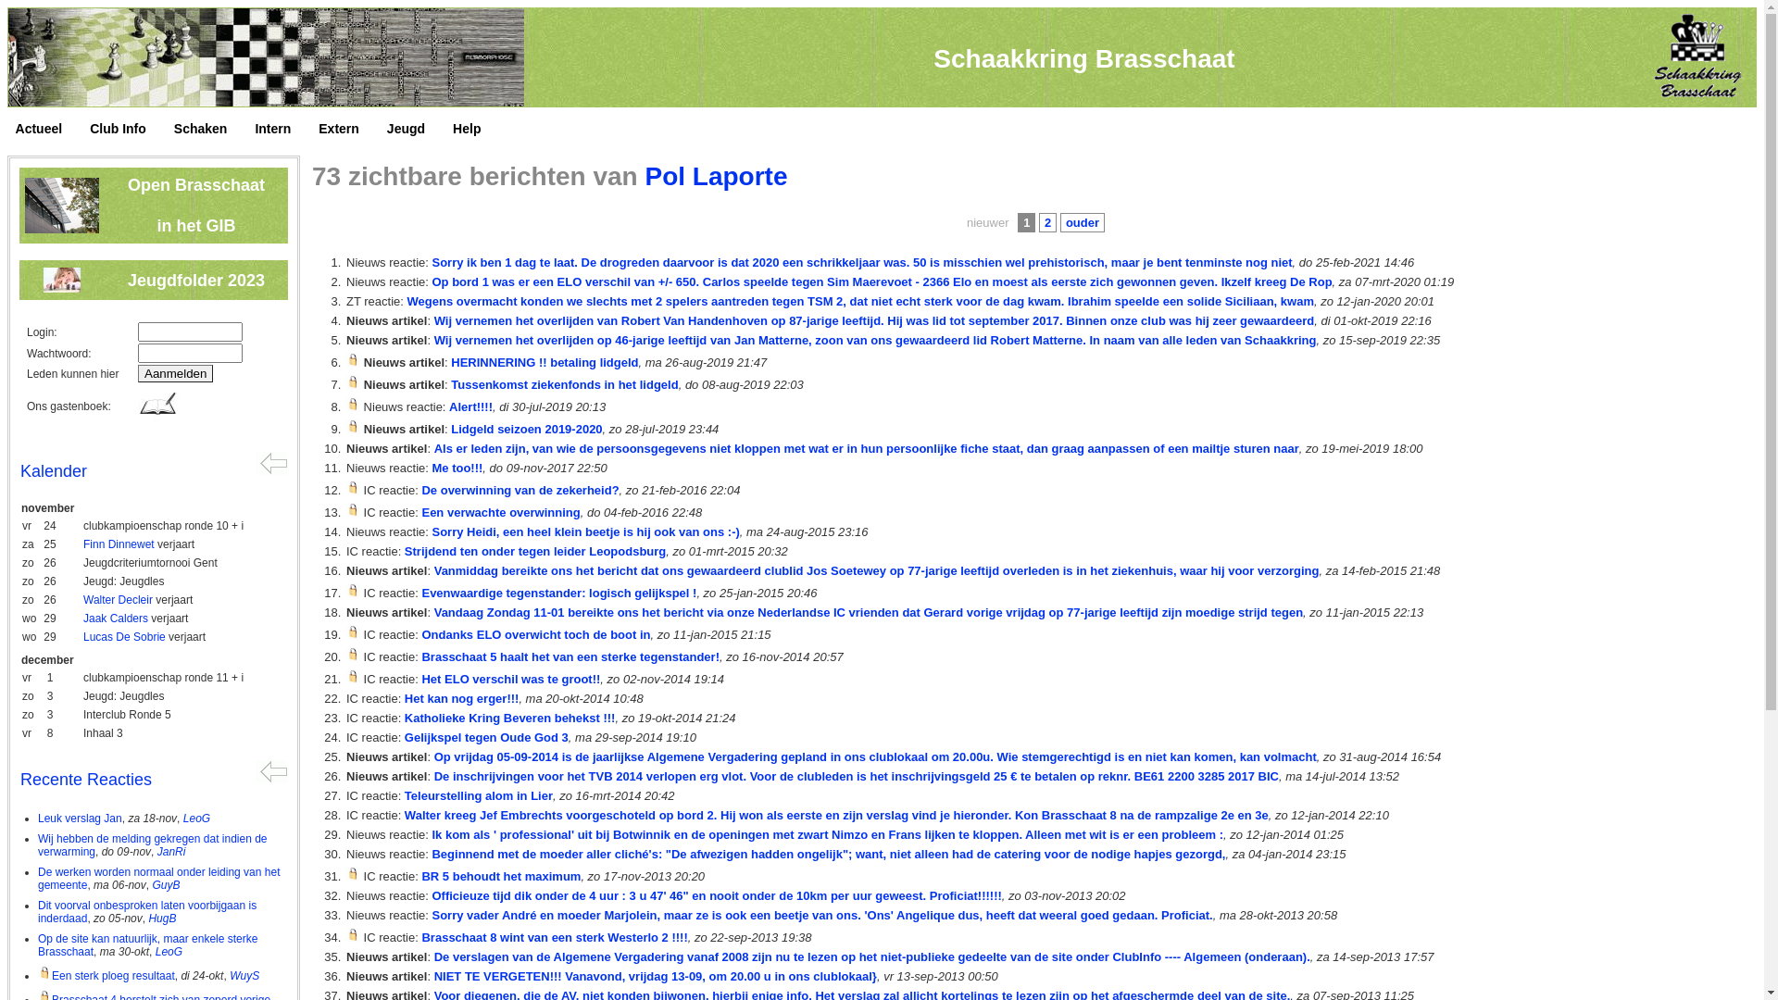 Image resolution: width=1778 pixels, height=1000 pixels. I want to click on 'Extern', so click(347, 129).